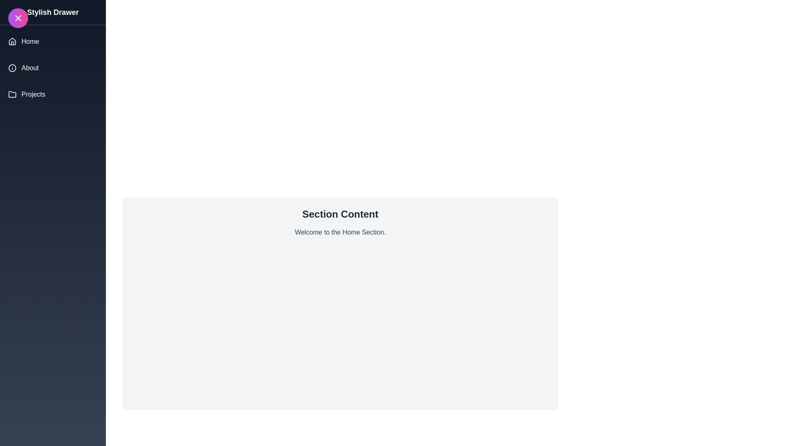 Image resolution: width=794 pixels, height=446 pixels. Describe the element at coordinates (53, 41) in the screenshot. I see `the drawer menu section Home to display its content` at that location.